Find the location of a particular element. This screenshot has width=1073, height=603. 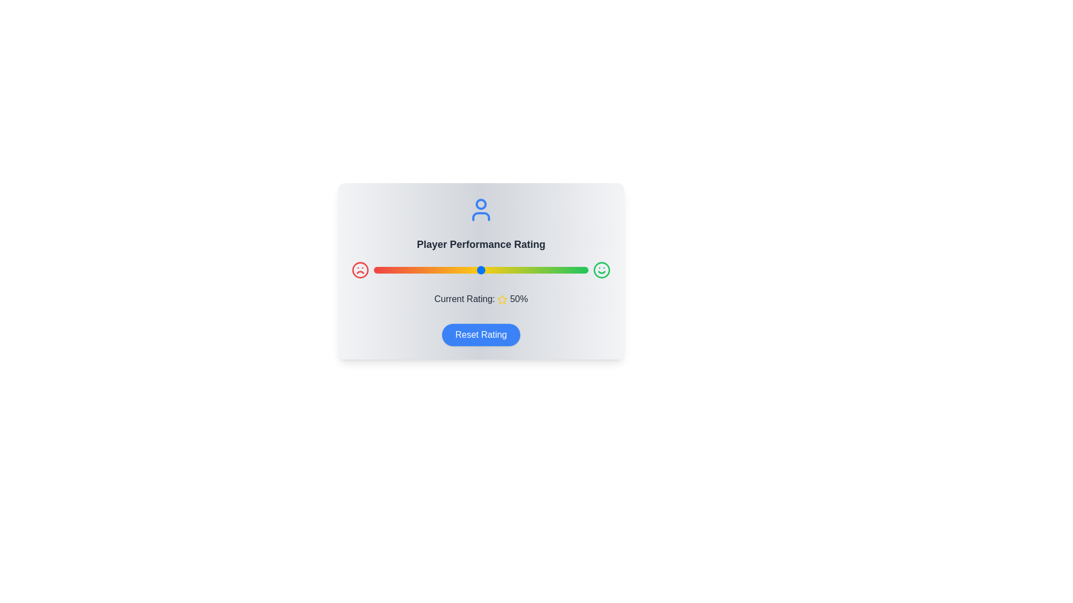

the rating slider to 55% is located at coordinates (492, 270).